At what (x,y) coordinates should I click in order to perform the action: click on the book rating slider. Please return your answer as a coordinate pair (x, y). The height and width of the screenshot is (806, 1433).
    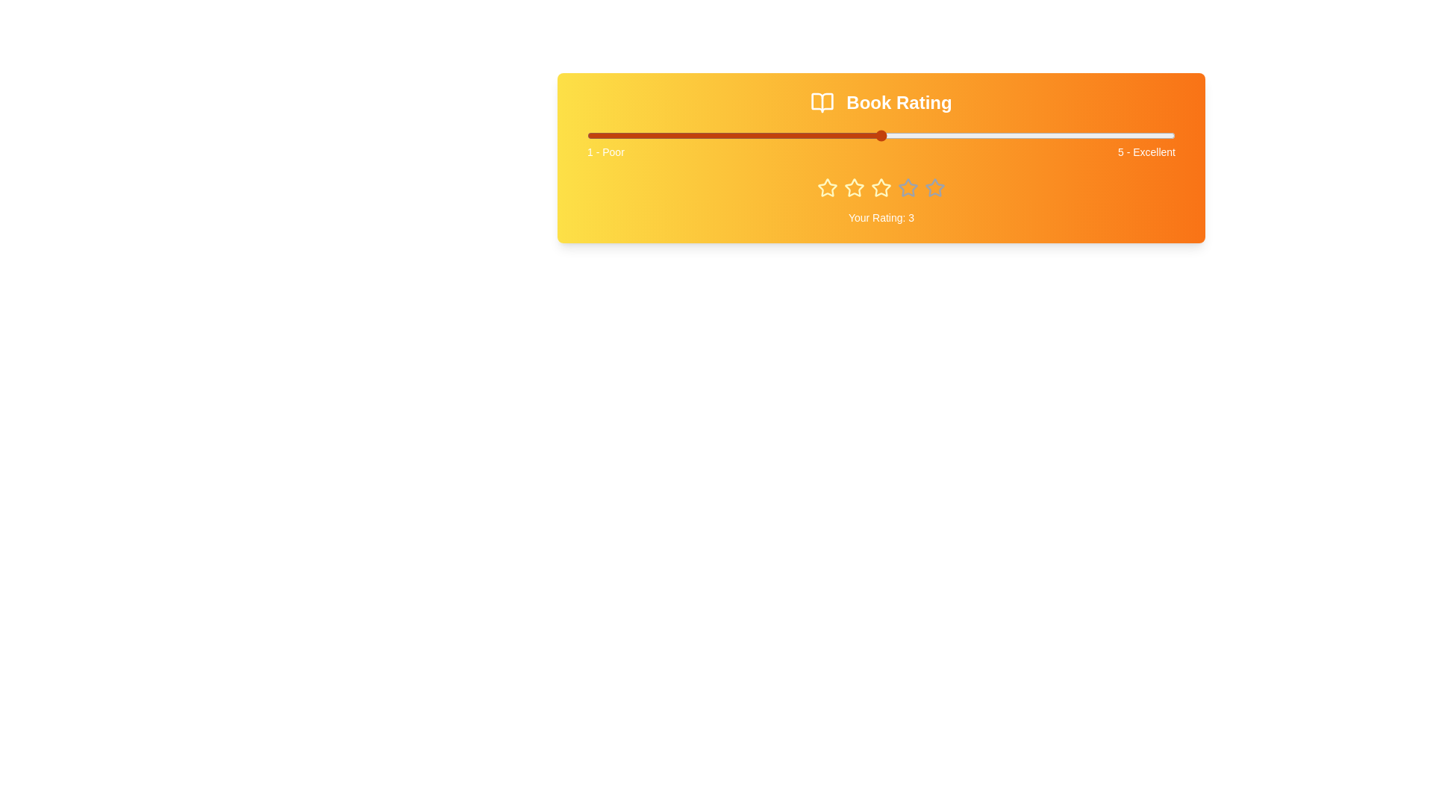
    Looking at the image, I should click on (881, 135).